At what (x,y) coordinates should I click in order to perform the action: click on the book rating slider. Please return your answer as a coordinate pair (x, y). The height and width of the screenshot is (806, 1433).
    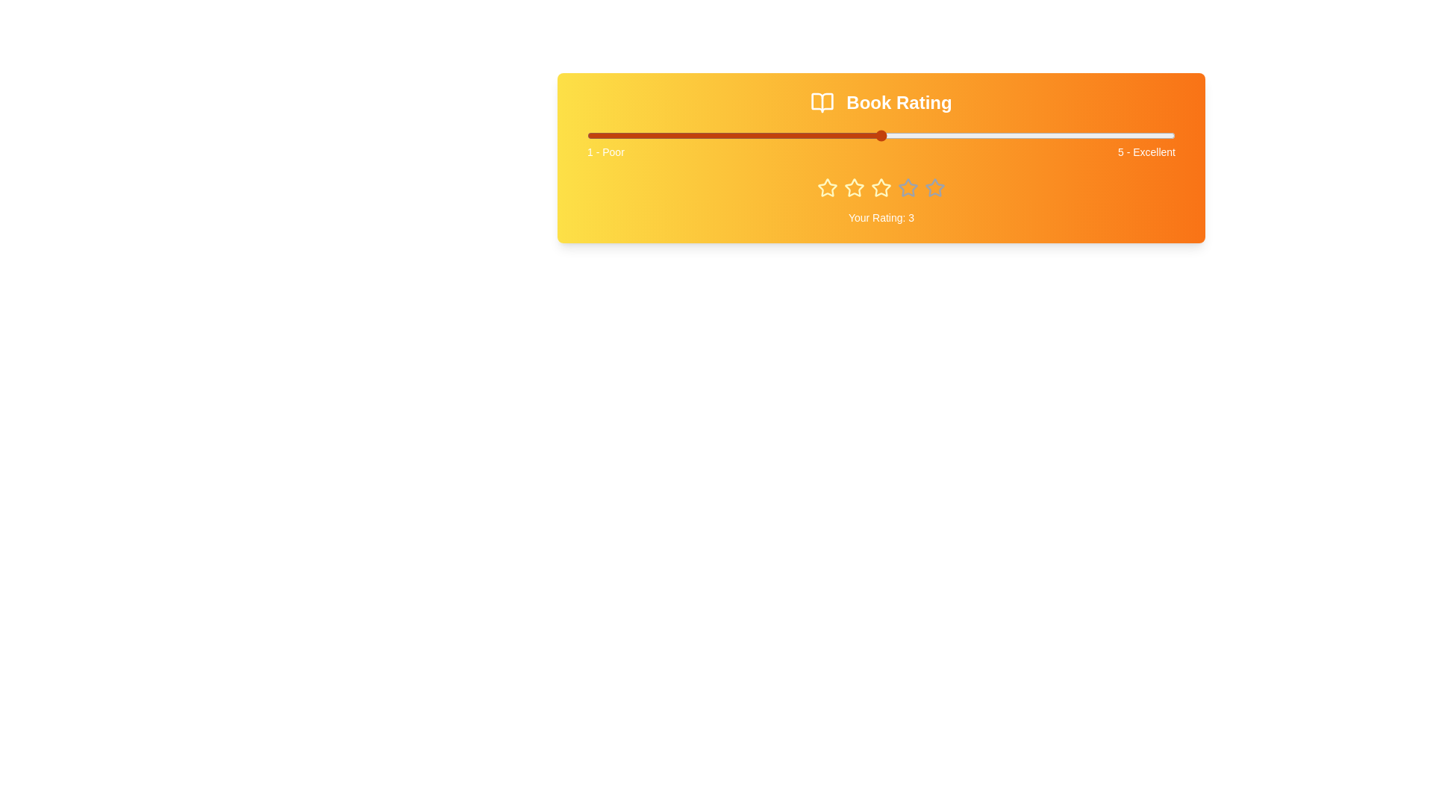
    Looking at the image, I should click on (881, 135).